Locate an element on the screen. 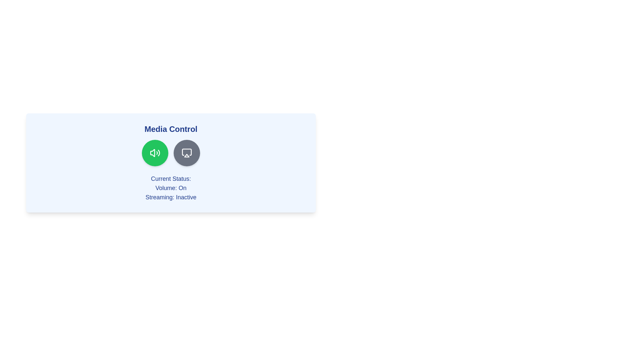  the green button with the speaker icon to toggle the volume is located at coordinates (155, 153).